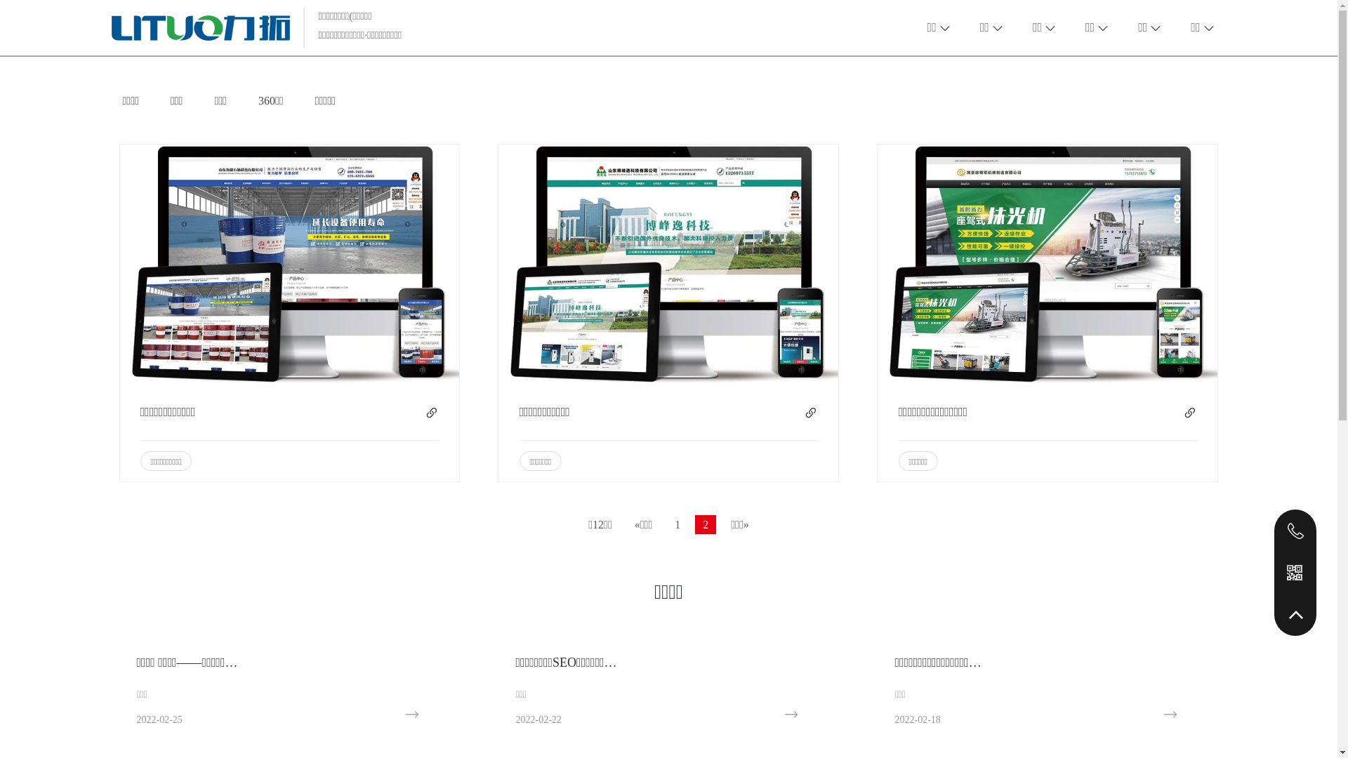  I want to click on '1', so click(677, 524).